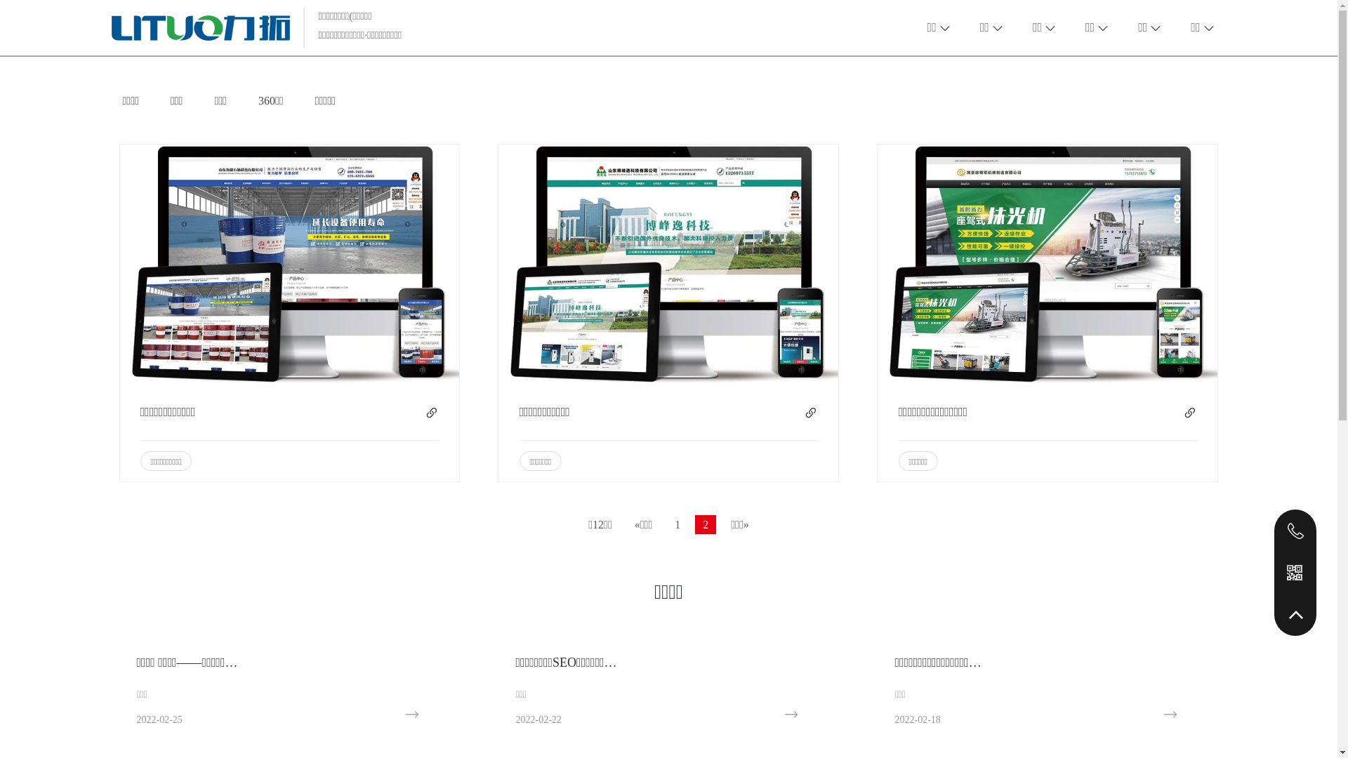  I want to click on '1', so click(677, 524).